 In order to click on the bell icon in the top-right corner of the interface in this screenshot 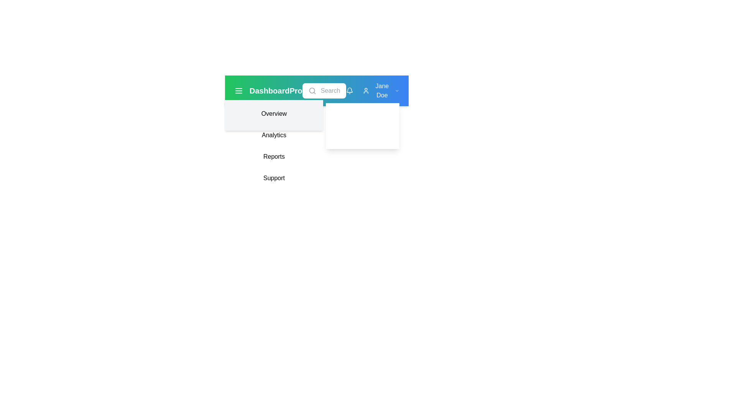, I will do `click(349, 90)`.